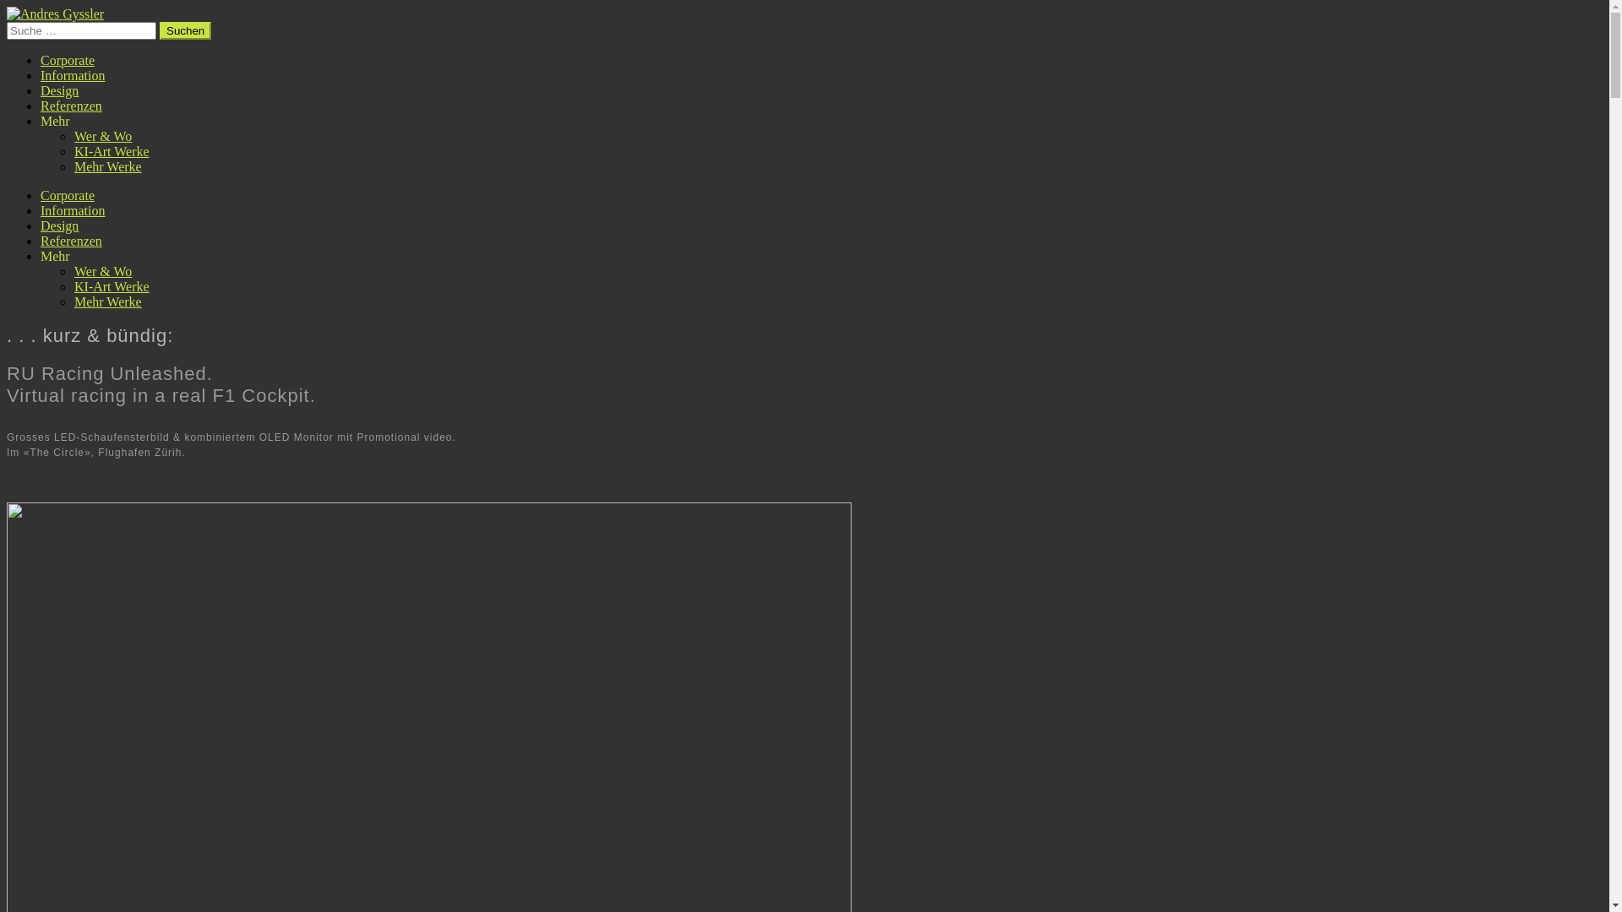 Image resolution: width=1622 pixels, height=912 pixels. I want to click on 'KI-Art Werke', so click(111, 150).